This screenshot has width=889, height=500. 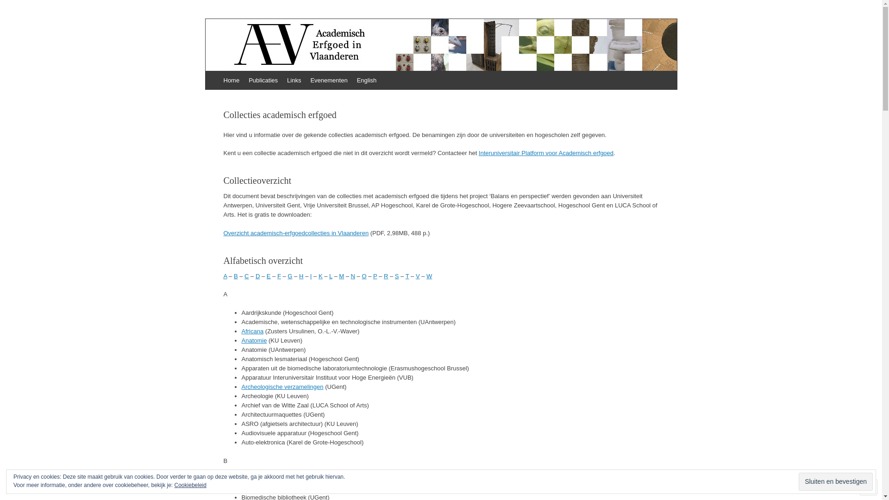 What do you see at coordinates (329, 80) in the screenshot?
I see `'Evenementen'` at bounding box center [329, 80].